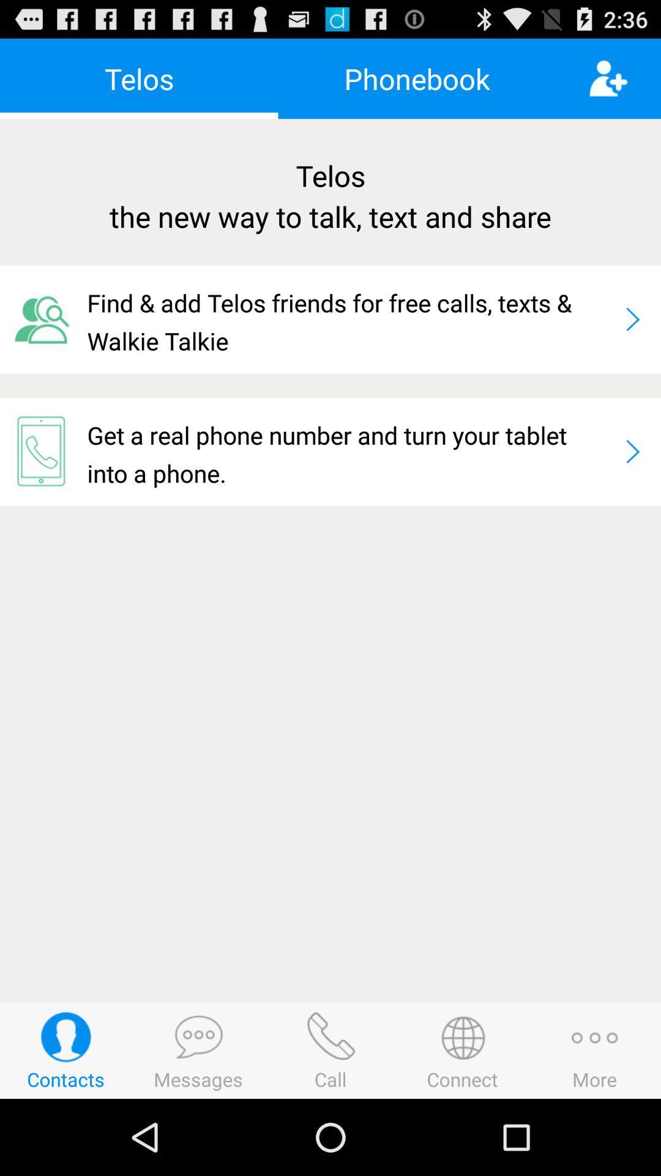 The height and width of the screenshot is (1176, 661). I want to click on icon at the center, so click(349, 451).